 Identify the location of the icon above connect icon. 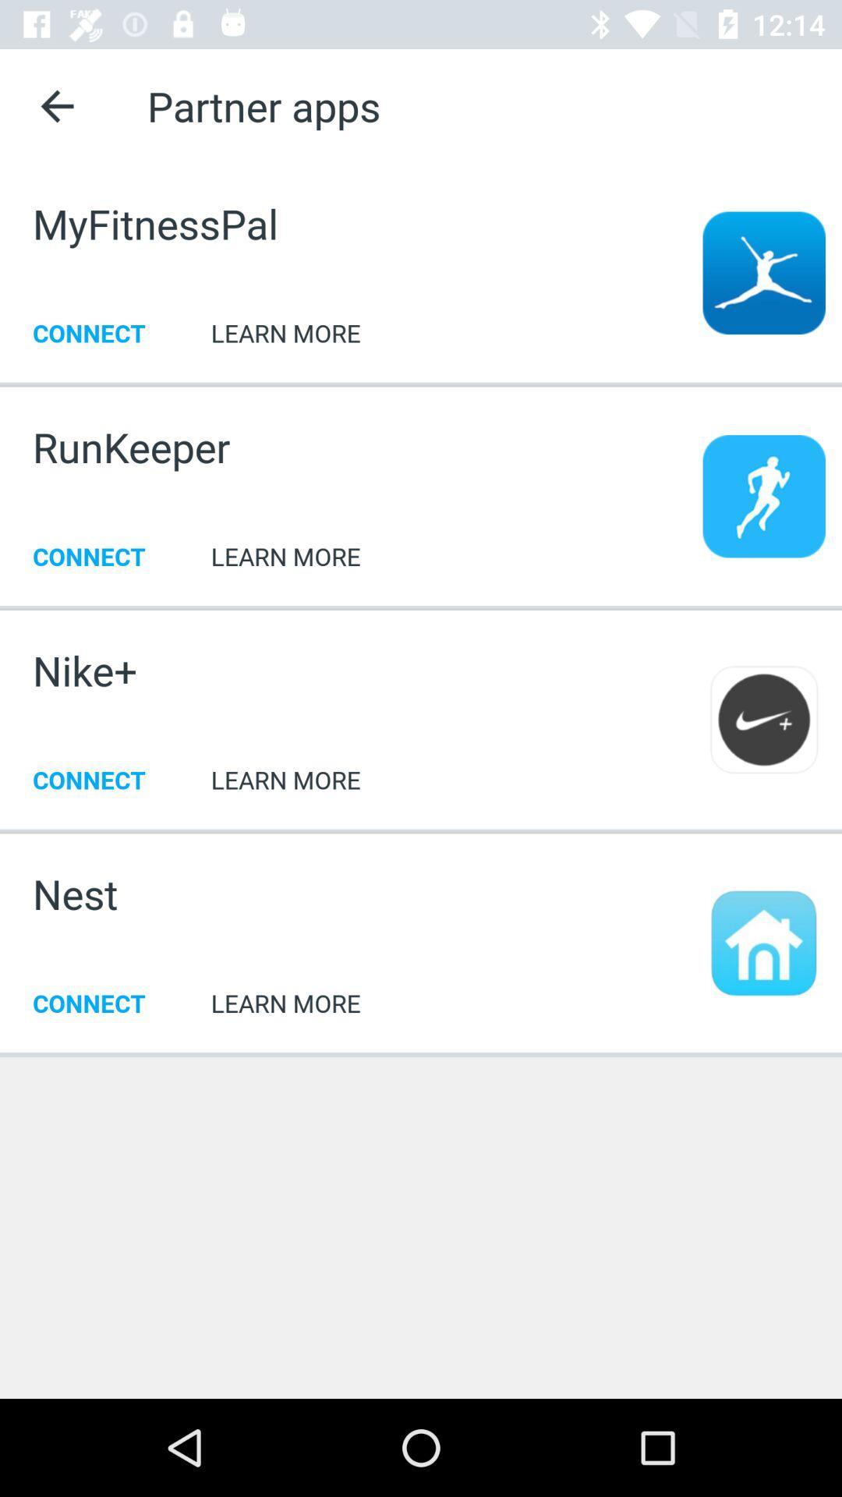
(85, 670).